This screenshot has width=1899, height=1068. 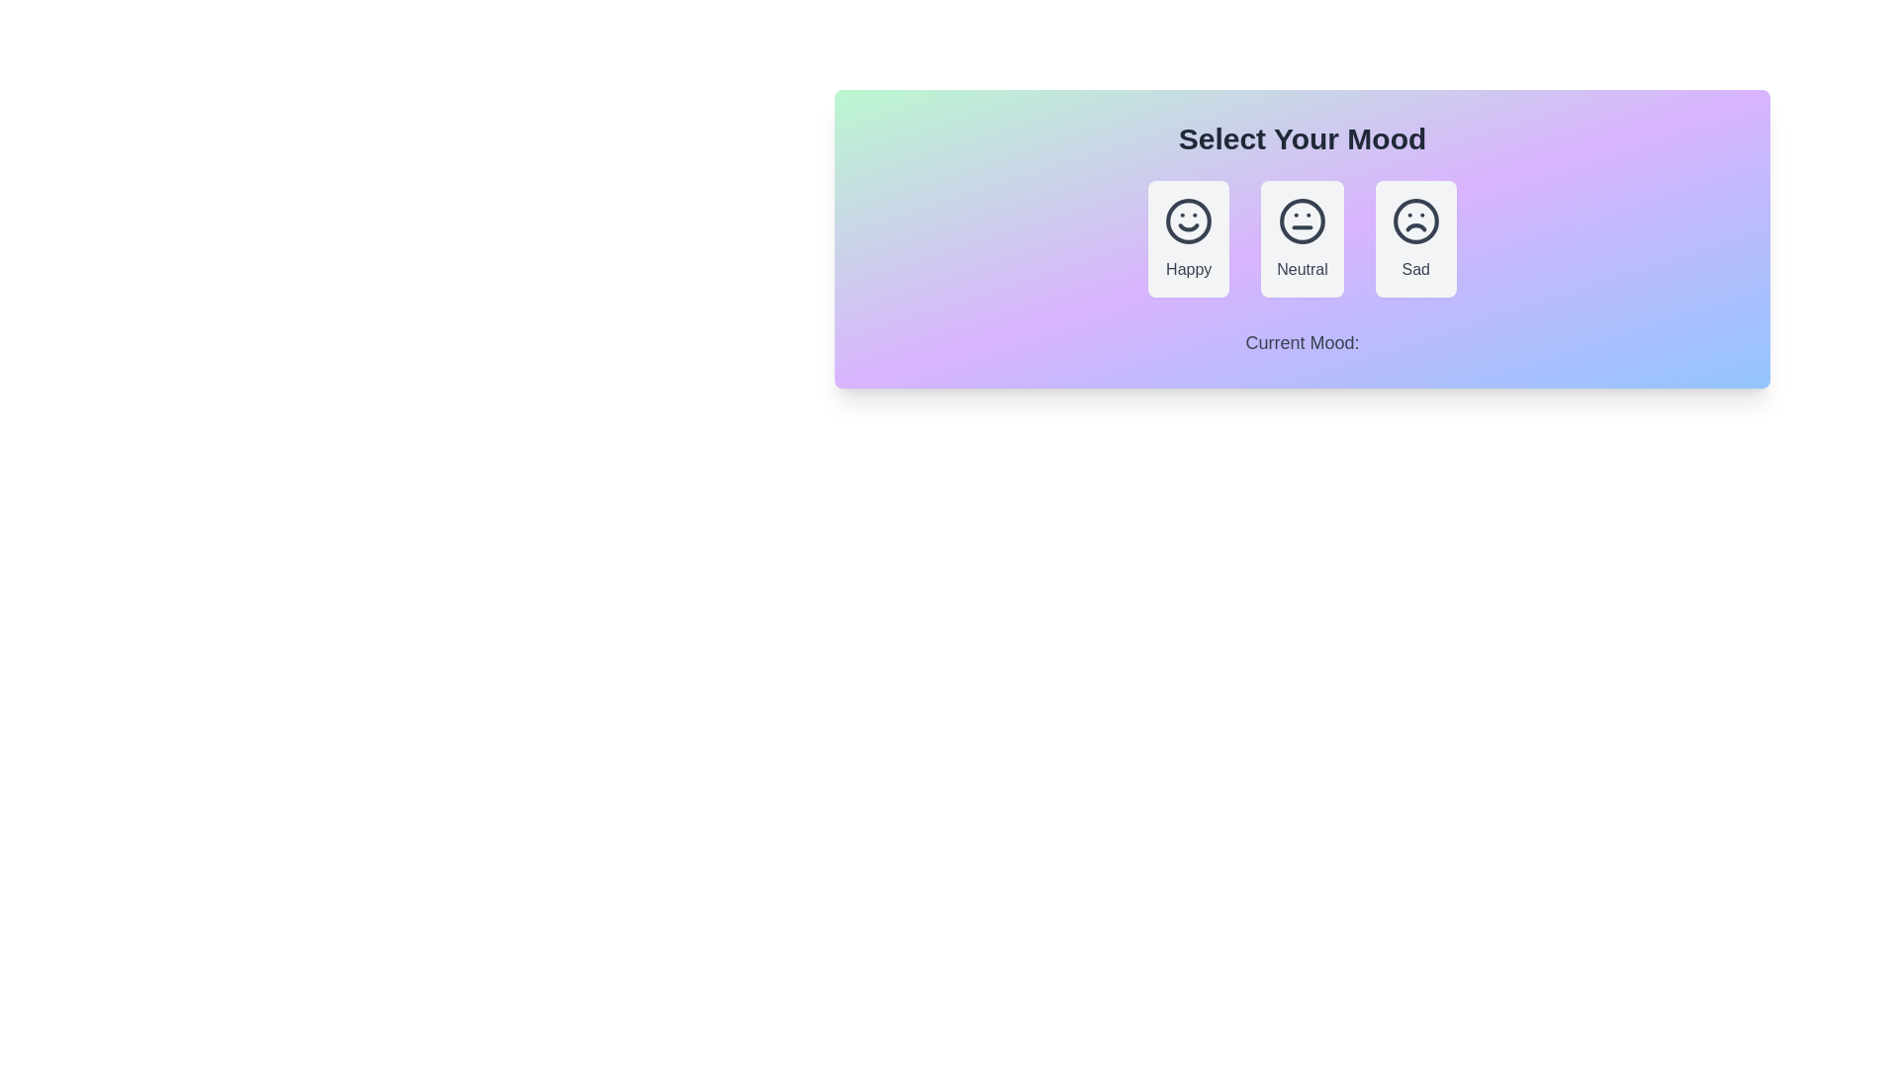 What do you see at coordinates (1414, 238) in the screenshot?
I see `the Sad button to select the corresponding mood` at bounding box center [1414, 238].